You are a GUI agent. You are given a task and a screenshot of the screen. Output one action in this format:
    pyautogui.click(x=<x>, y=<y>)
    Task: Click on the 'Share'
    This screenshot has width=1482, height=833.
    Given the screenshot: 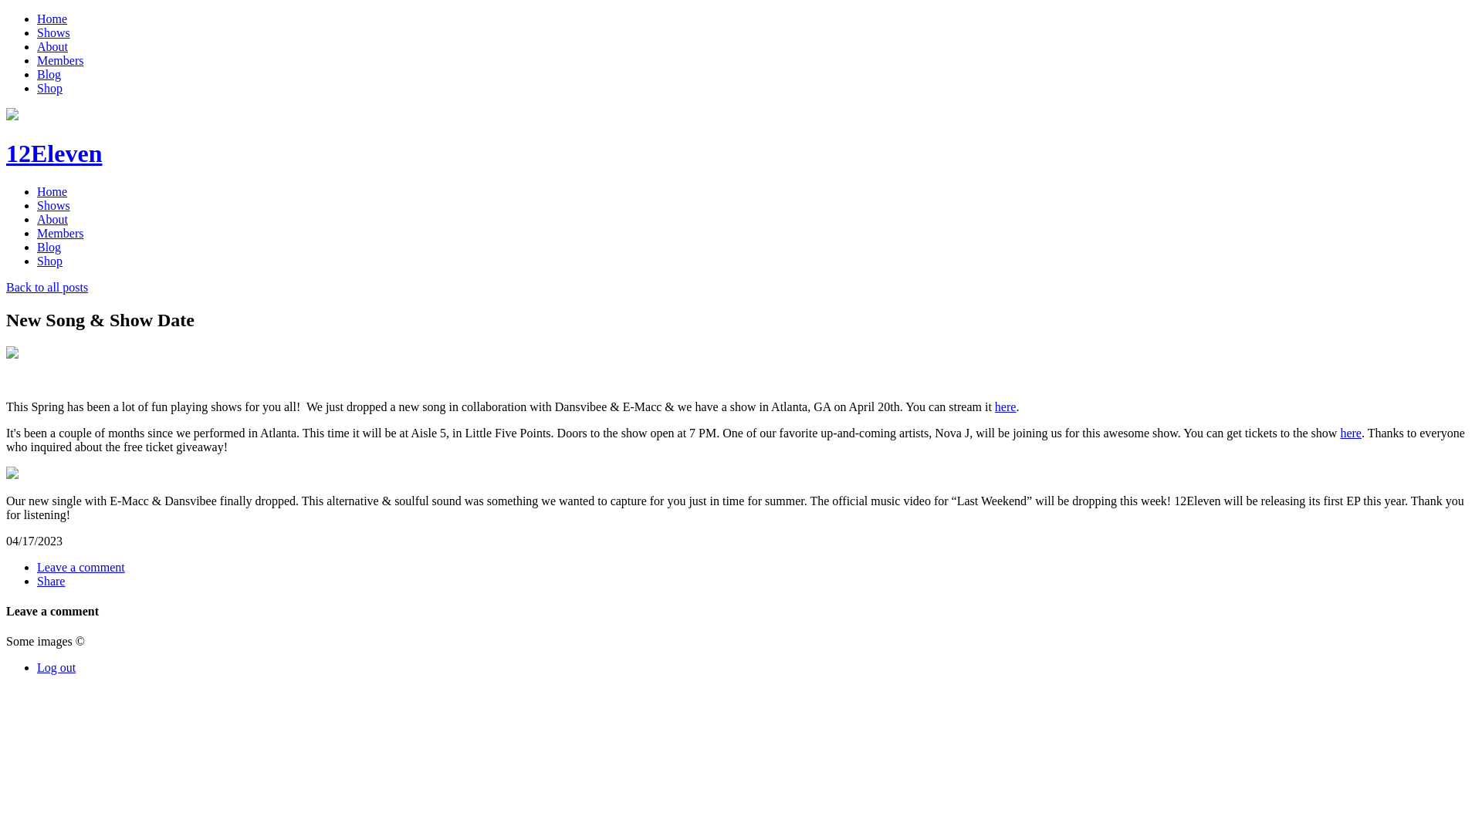 What is the action you would take?
    pyautogui.click(x=51, y=581)
    